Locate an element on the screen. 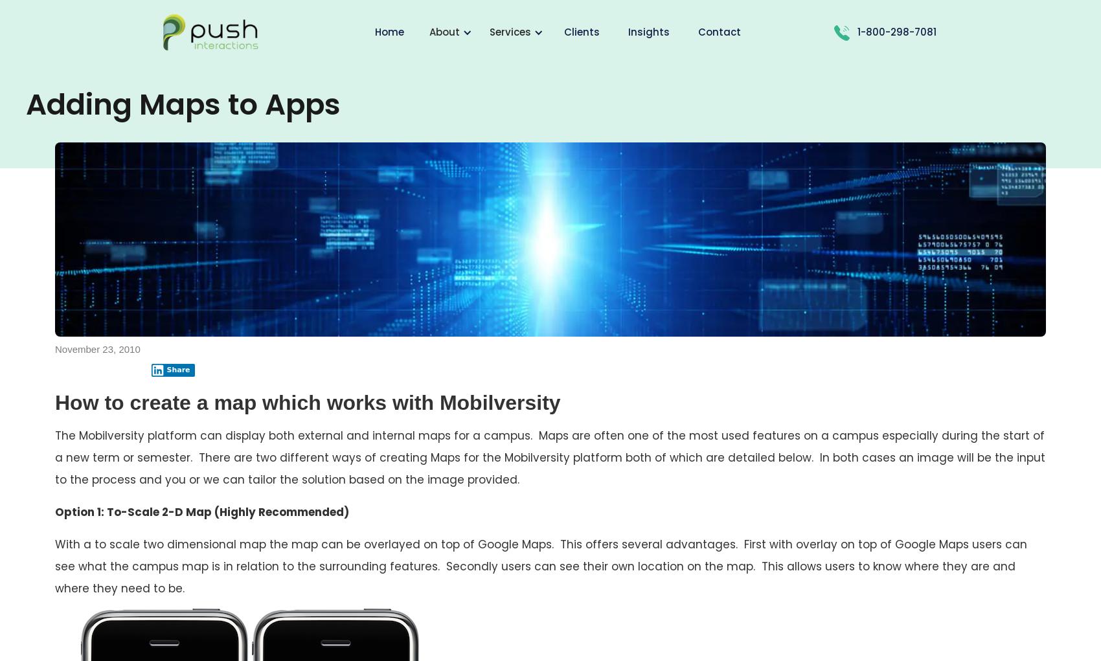  'Clients' is located at coordinates (582, 32).